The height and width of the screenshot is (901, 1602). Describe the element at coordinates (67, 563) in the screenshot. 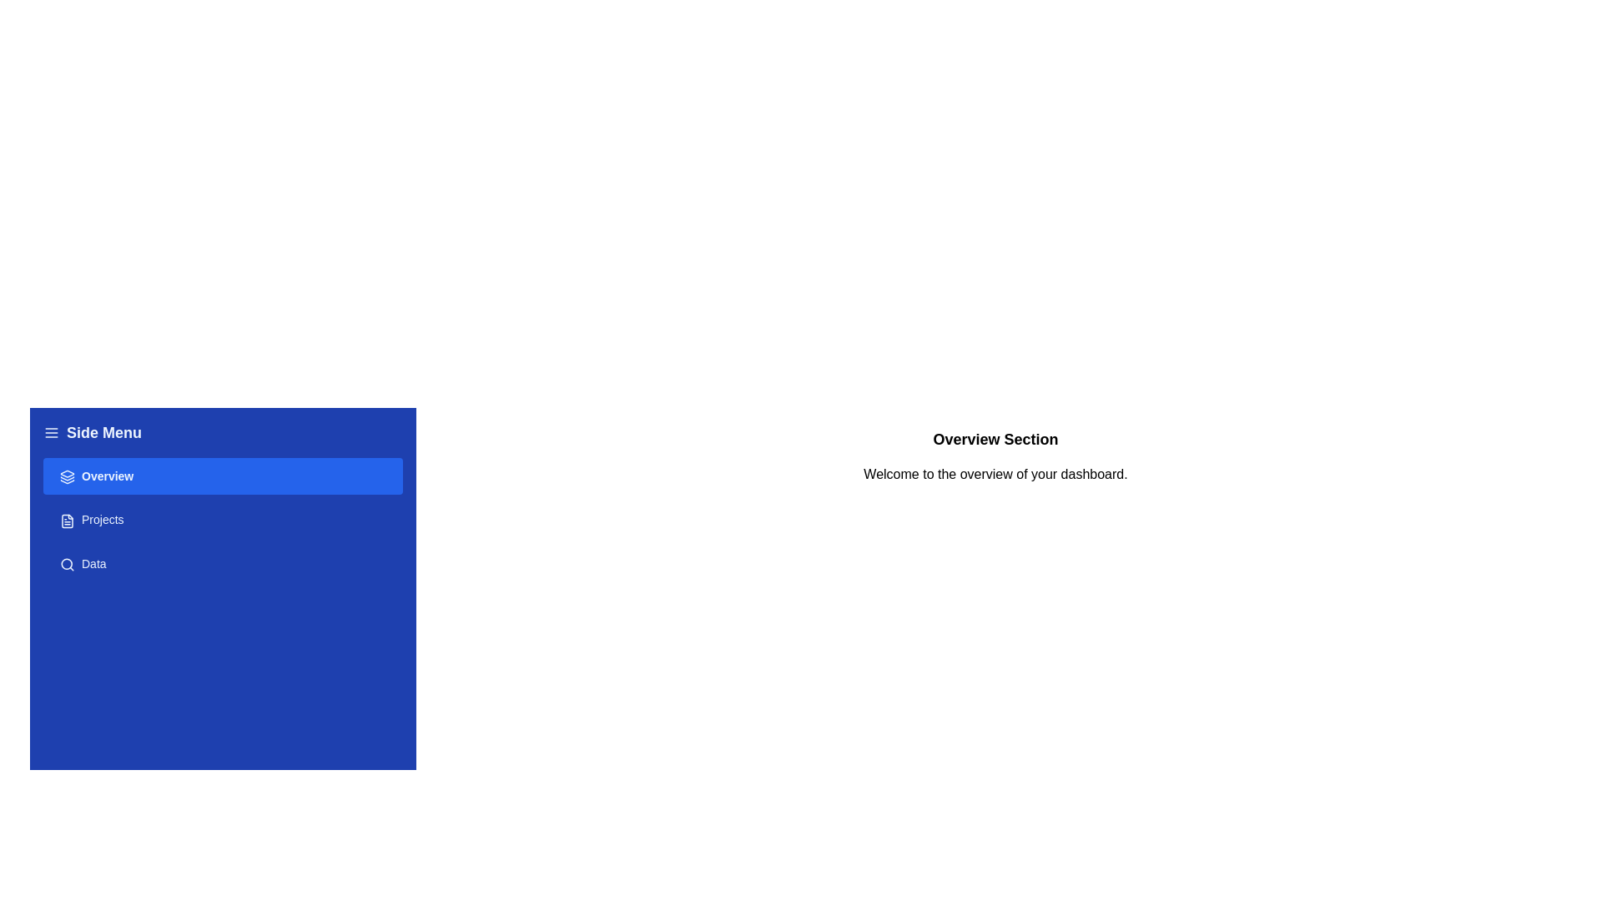

I see `the magnifying glass icon located in the sidebar next` at that location.